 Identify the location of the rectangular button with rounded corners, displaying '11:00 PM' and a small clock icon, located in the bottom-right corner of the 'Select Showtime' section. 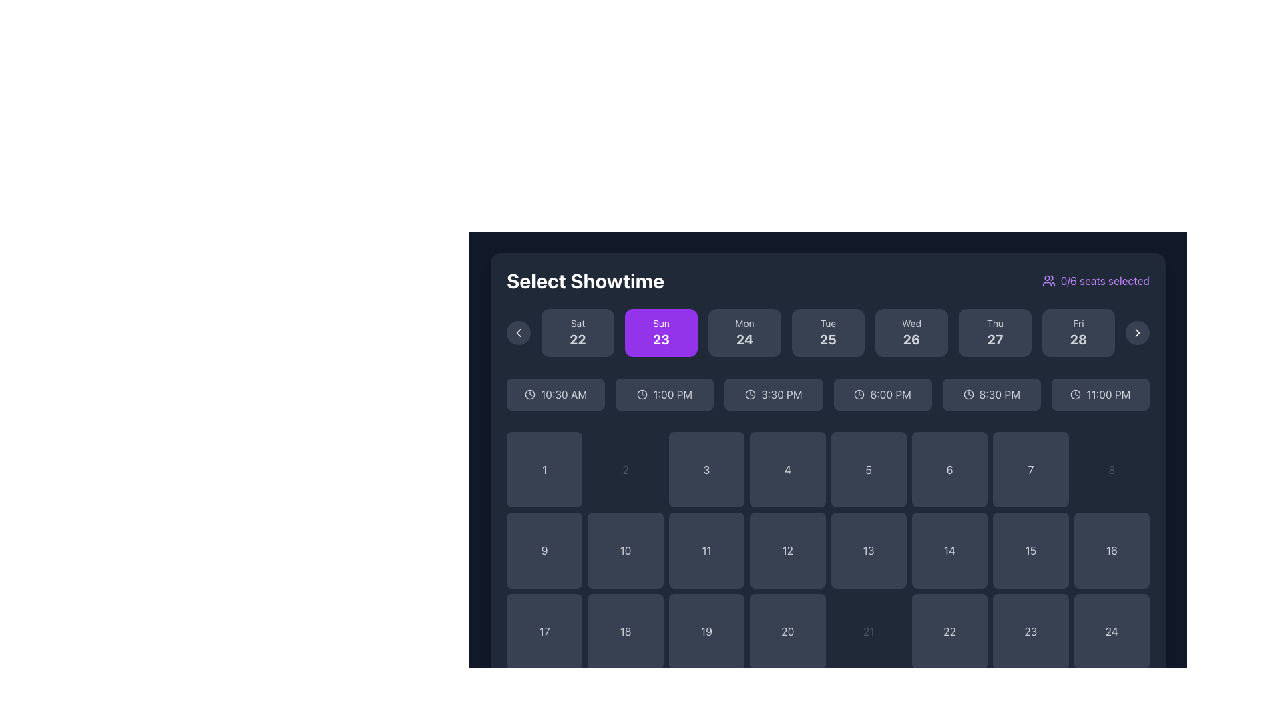
(1100, 393).